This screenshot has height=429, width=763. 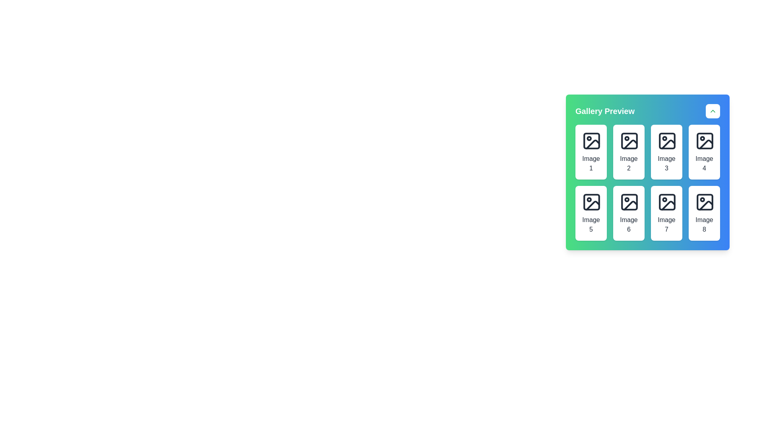 What do you see at coordinates (666, 225) in the screenshot?
I see `the text label 'Image 7' which is displayed in a smaller bold font, centered in the seventh cell of the gallery grid layout` at bounding box center [666, 225].